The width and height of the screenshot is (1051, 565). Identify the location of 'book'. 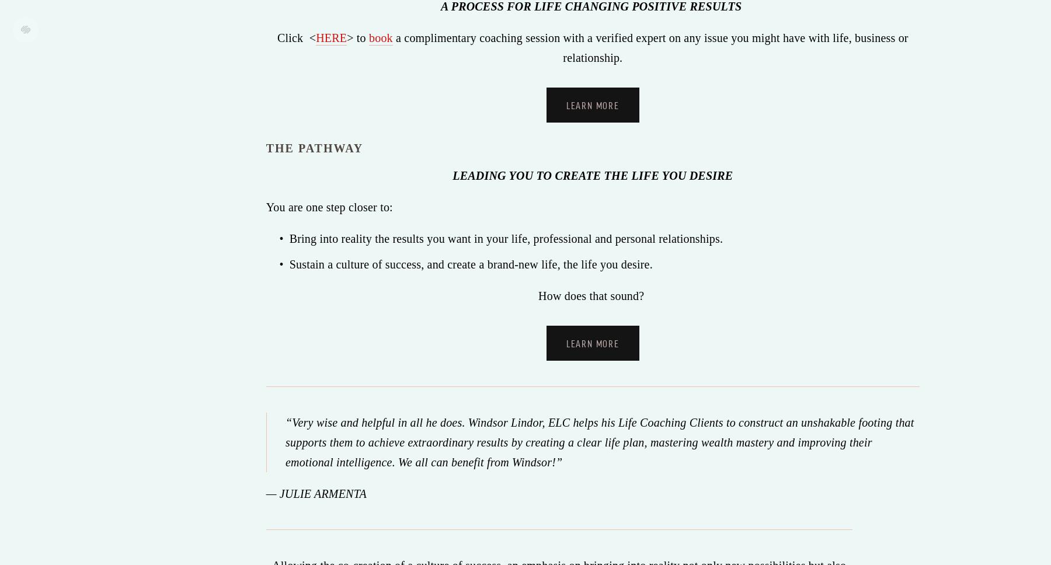
(368, 36).